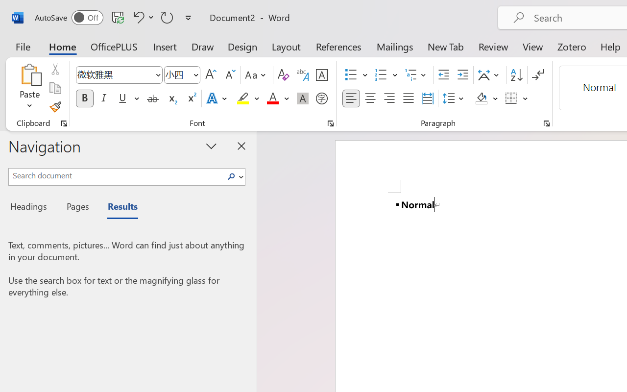 Image resolution: width=627 pixels, height=392 pixels. I want to click on 'Align Left', so click(351, 98).